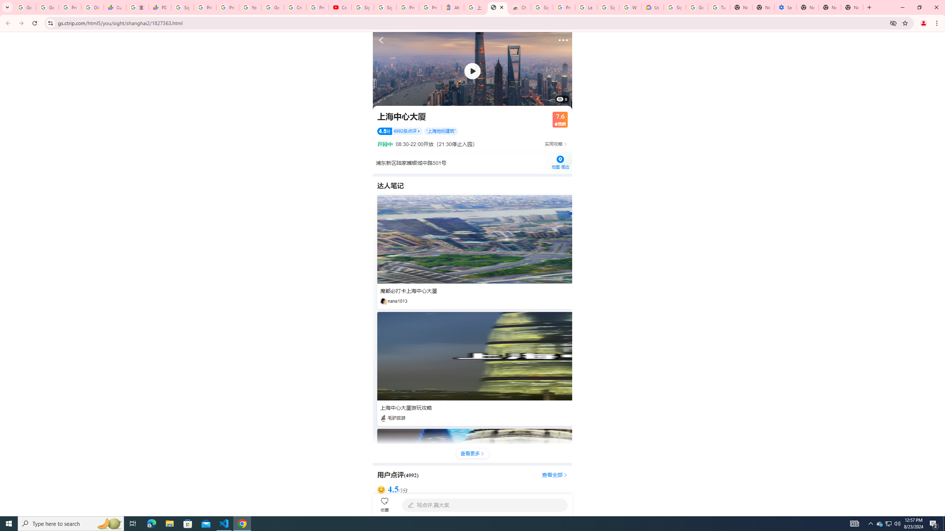 The height and width of the screenshot is (531, 945). What do you see at coordinates (159, 7) in the screenshot?
I see `'PDD Holdings Inc - ADR (PDD) Price & News - Google Finance'` at bounding box center [159, 7].